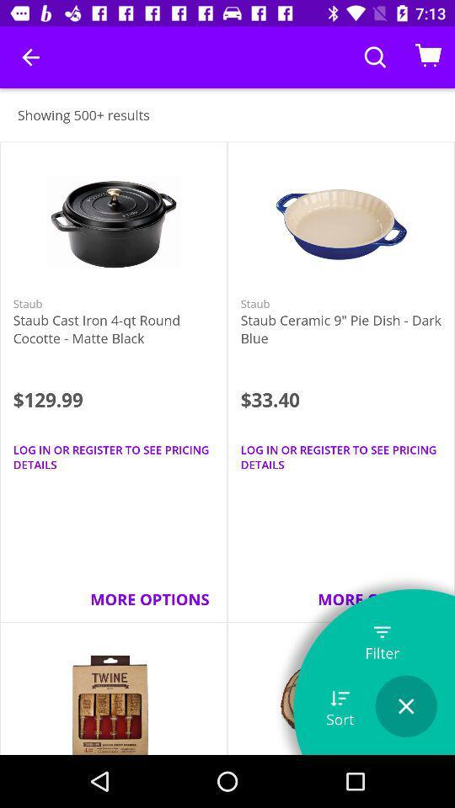  What do you see at coordinates (30, 57) in the screenshot?
I see `icon above showing 500+ results` at bounding box center [30, 57].